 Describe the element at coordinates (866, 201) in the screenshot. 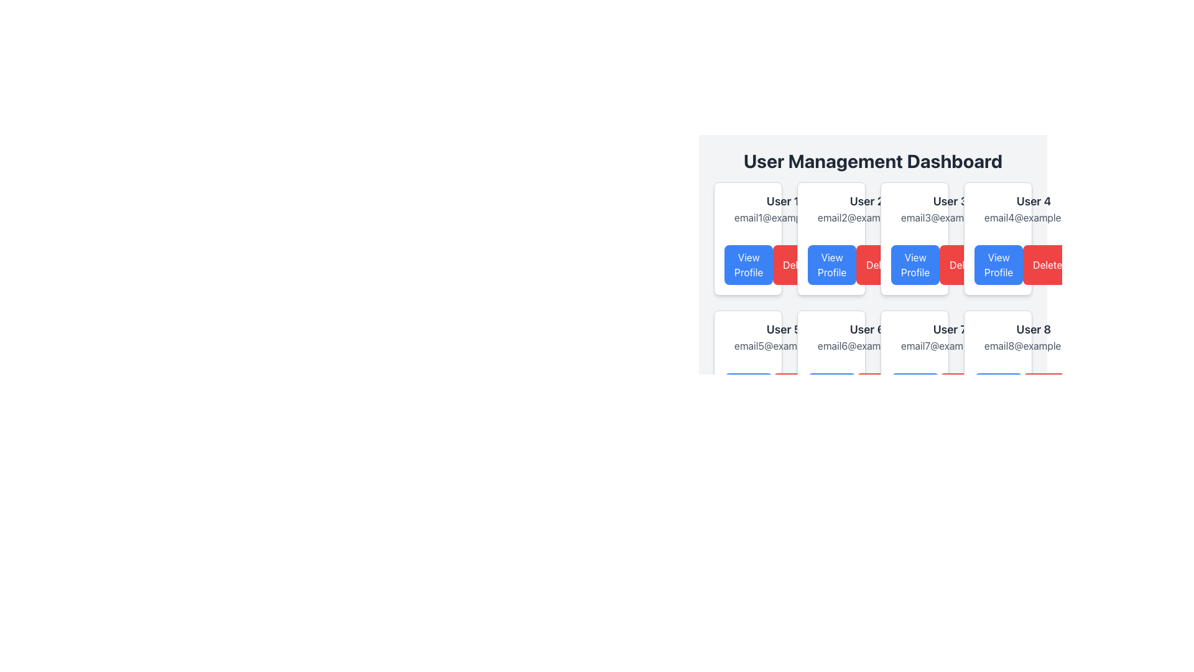

I see `the text label displaying 'User 2' in bold font at the top of the user card` at that location.